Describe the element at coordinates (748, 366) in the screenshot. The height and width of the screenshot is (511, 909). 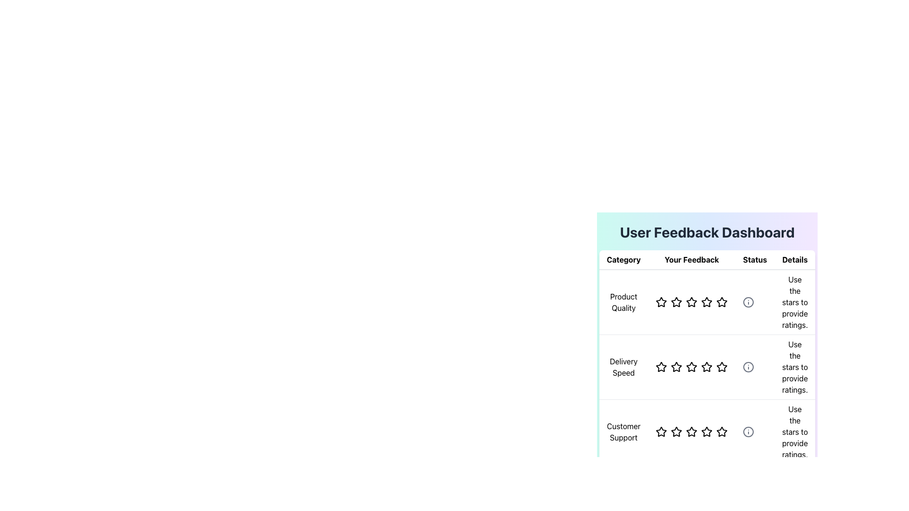
I see `the outer circular part of the 'info' icon located in the 'Details' column of the second row under 'Delivery Speed' in the User Feedback Dashboard` at that location.